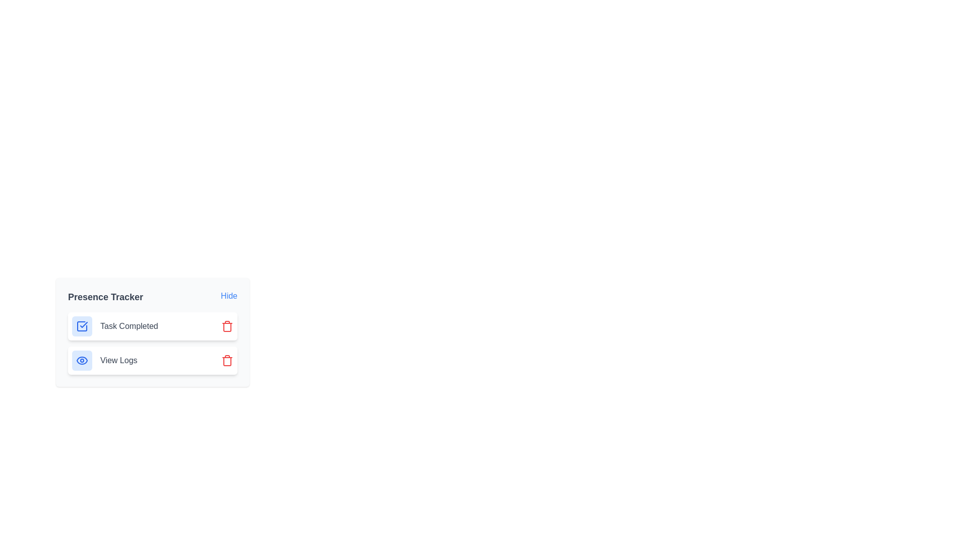 This screenshot has width=968, height=544. I want to click on the interactive text link located on the far-right of the 'Presence Tracker' section, so click(228, 295).